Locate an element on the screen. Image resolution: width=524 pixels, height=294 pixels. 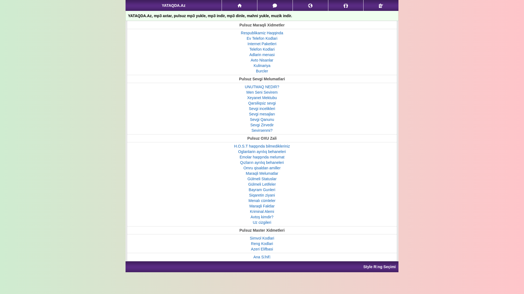
'Men Seni Sevirem' is located at coordinates (262, 92).